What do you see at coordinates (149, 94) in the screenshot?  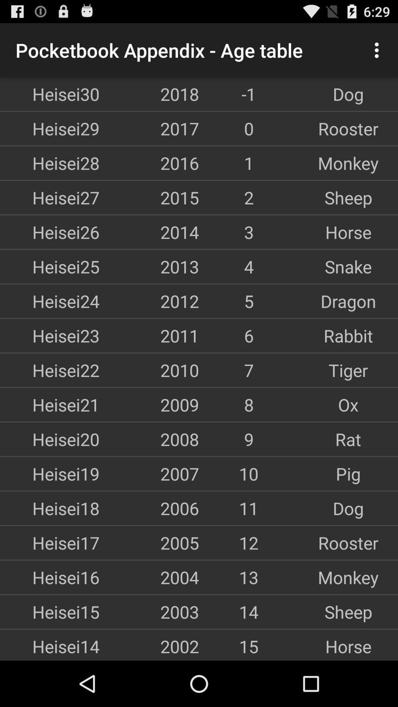 I see `the icon below the pocketbook appendix age app` at bounding box center [149, 94].